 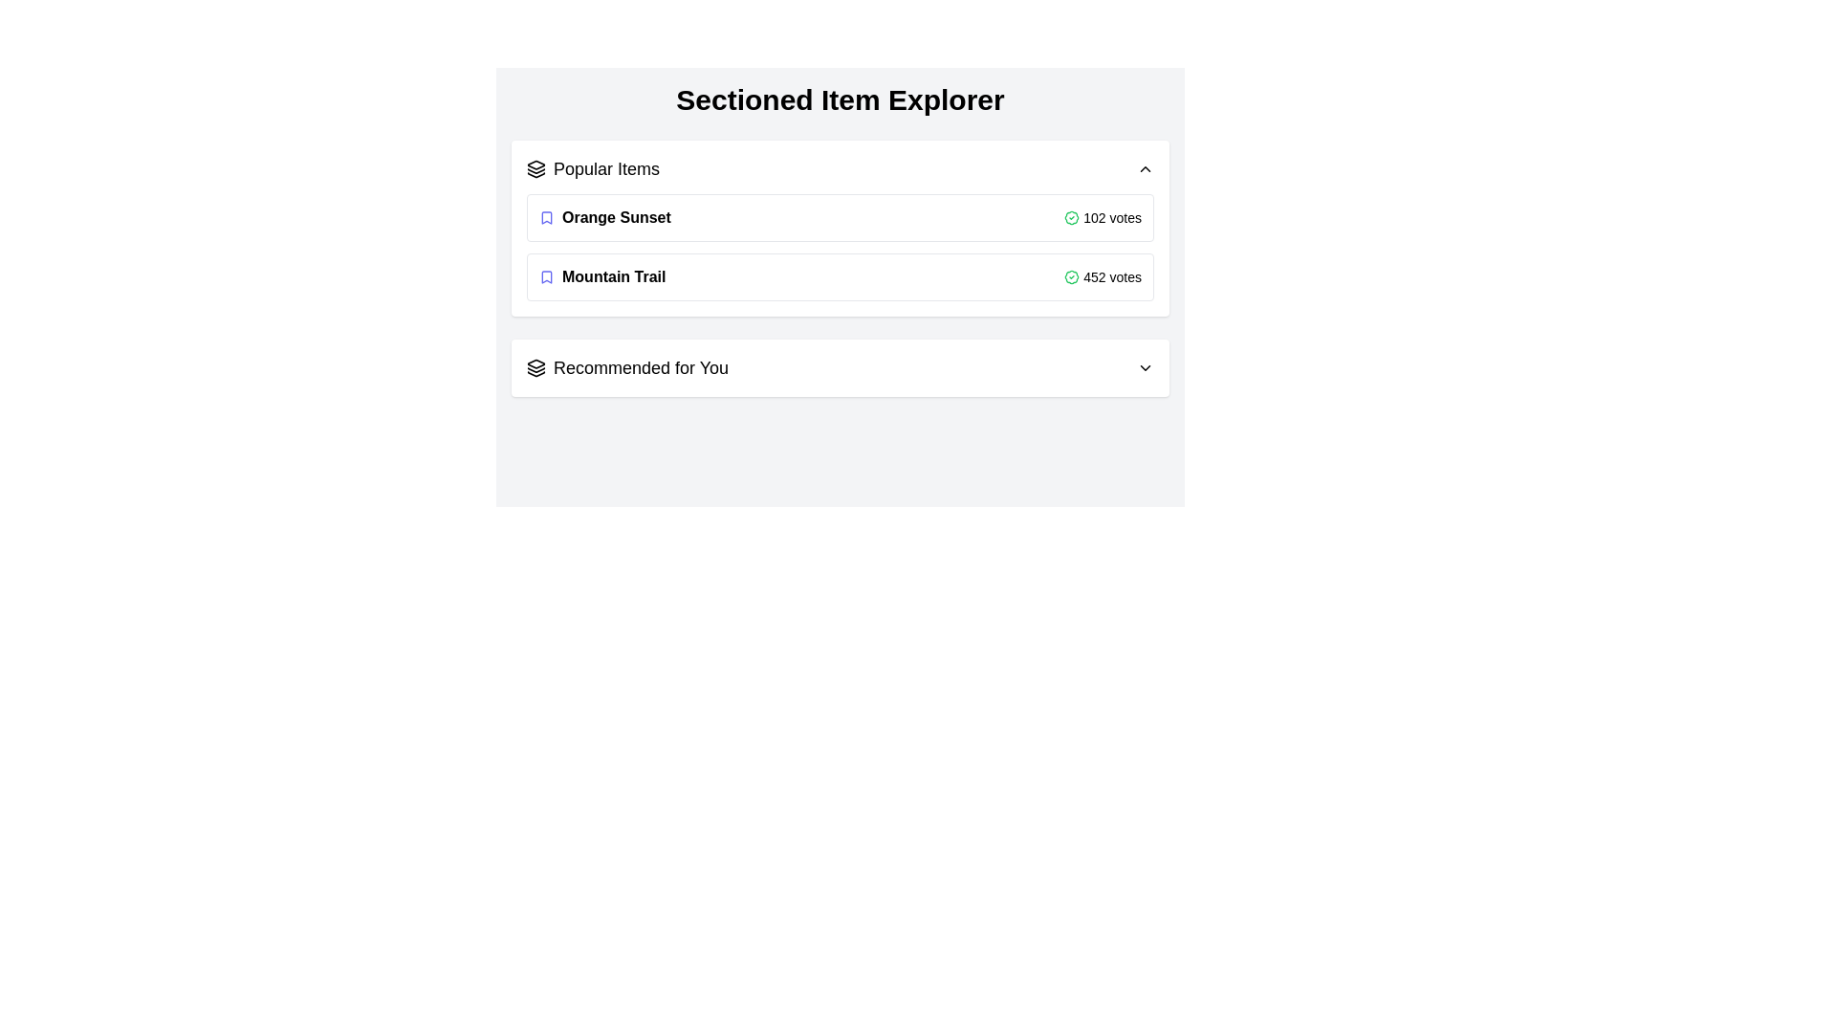 I want to click on the informative list item displaying 'Mountain Trail' with a voting score of '452 votes', located in the 'Popular Items' section, so click(x=840, y=276).